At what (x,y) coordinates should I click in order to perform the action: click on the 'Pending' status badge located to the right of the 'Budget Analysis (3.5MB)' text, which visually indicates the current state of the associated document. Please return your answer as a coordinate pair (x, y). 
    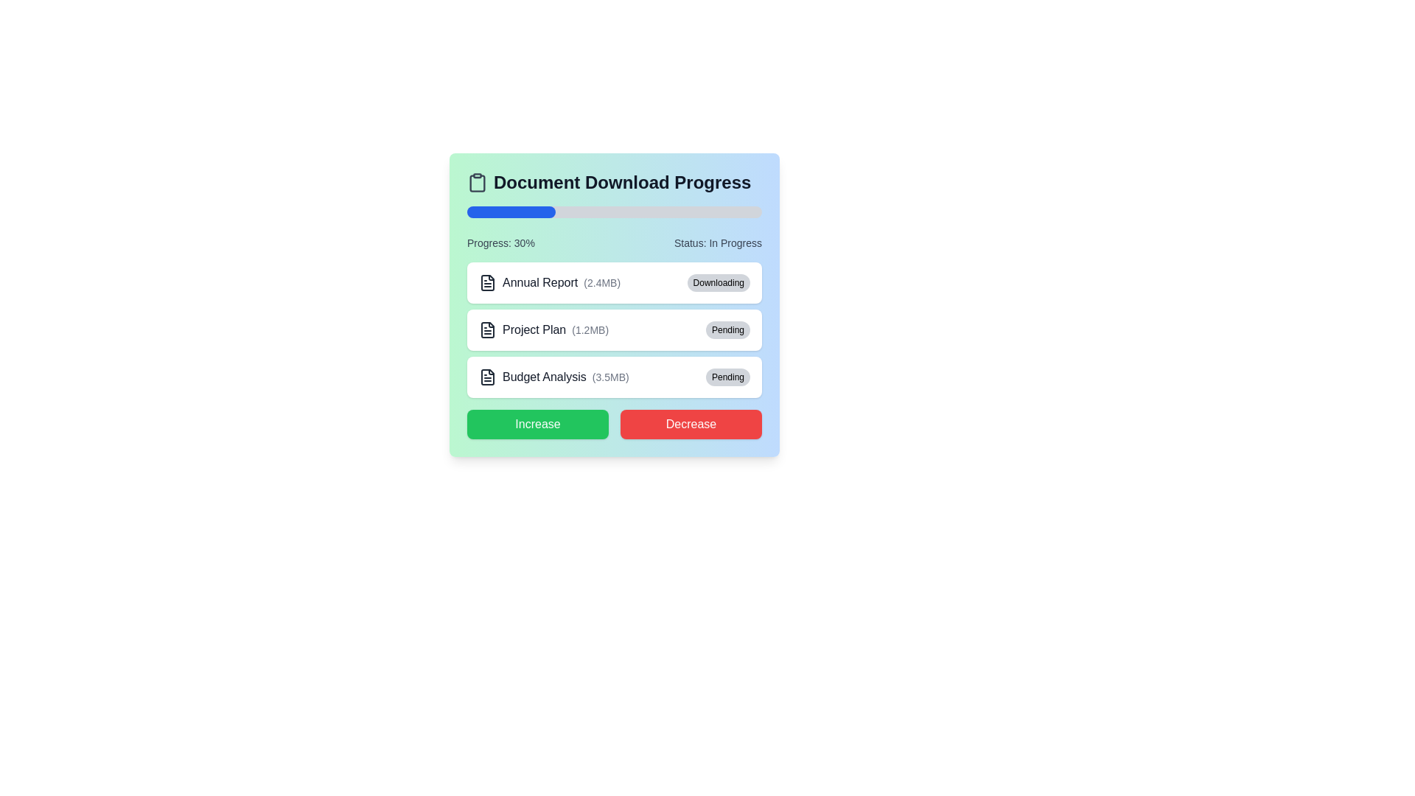
    Looking at the image, I should click on (728, 377).